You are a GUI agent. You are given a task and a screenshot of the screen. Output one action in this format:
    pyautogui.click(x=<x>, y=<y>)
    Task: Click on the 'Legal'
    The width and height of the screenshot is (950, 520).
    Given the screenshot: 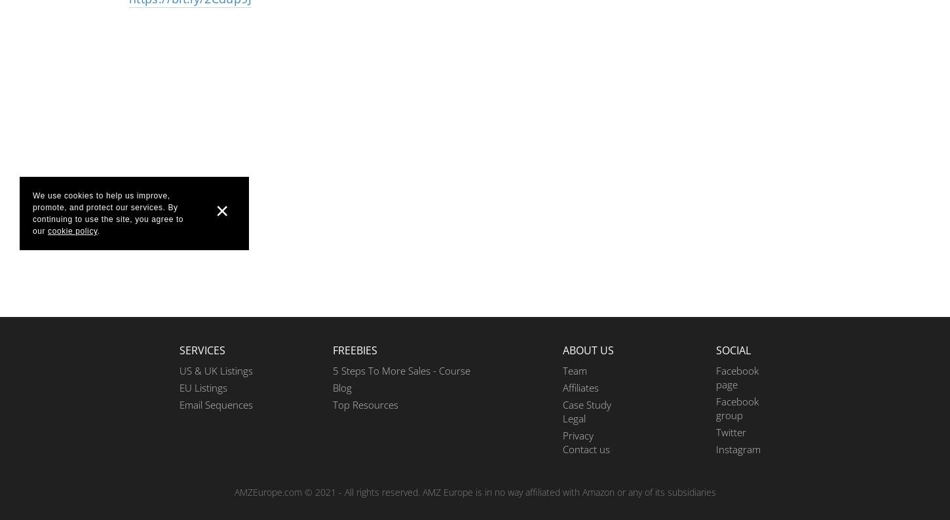 What is the action you would take?
    pyautogui.click(x=573, y=418)
    